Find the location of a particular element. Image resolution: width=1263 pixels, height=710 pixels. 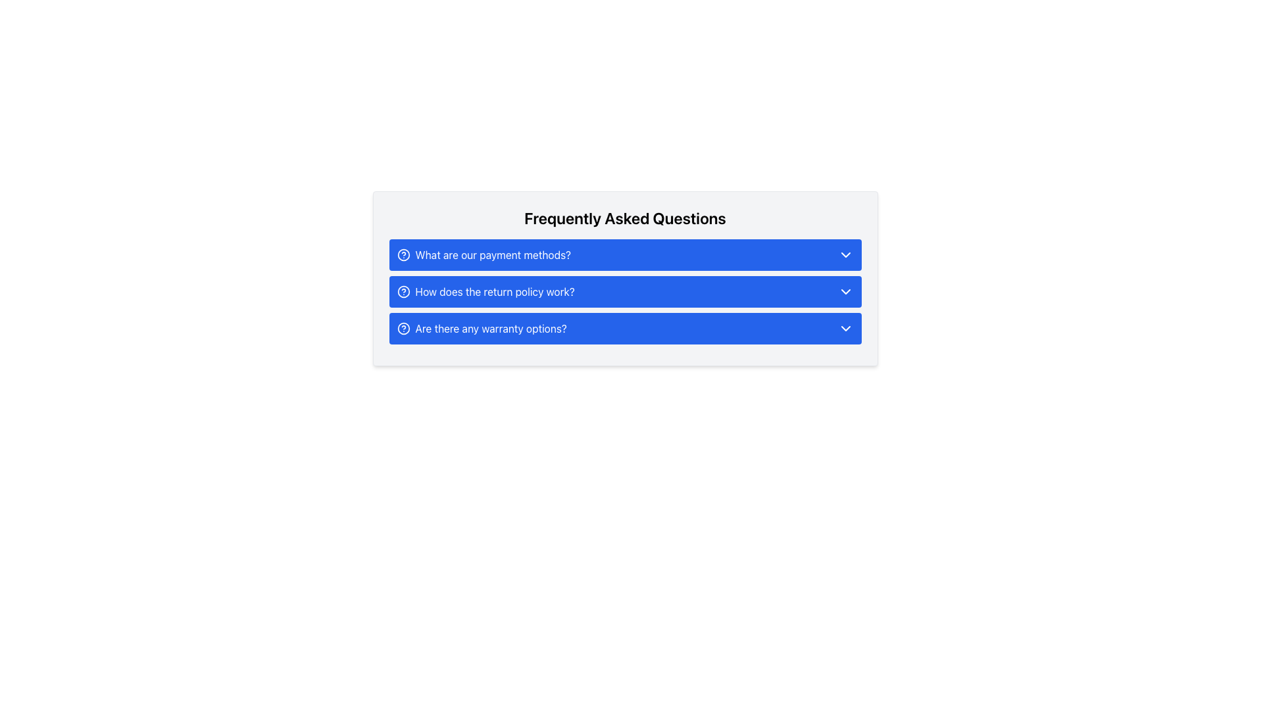

the first Collapsible FAQ button labeled 'What are our payment methods?' is located at coordinates (624, 255).